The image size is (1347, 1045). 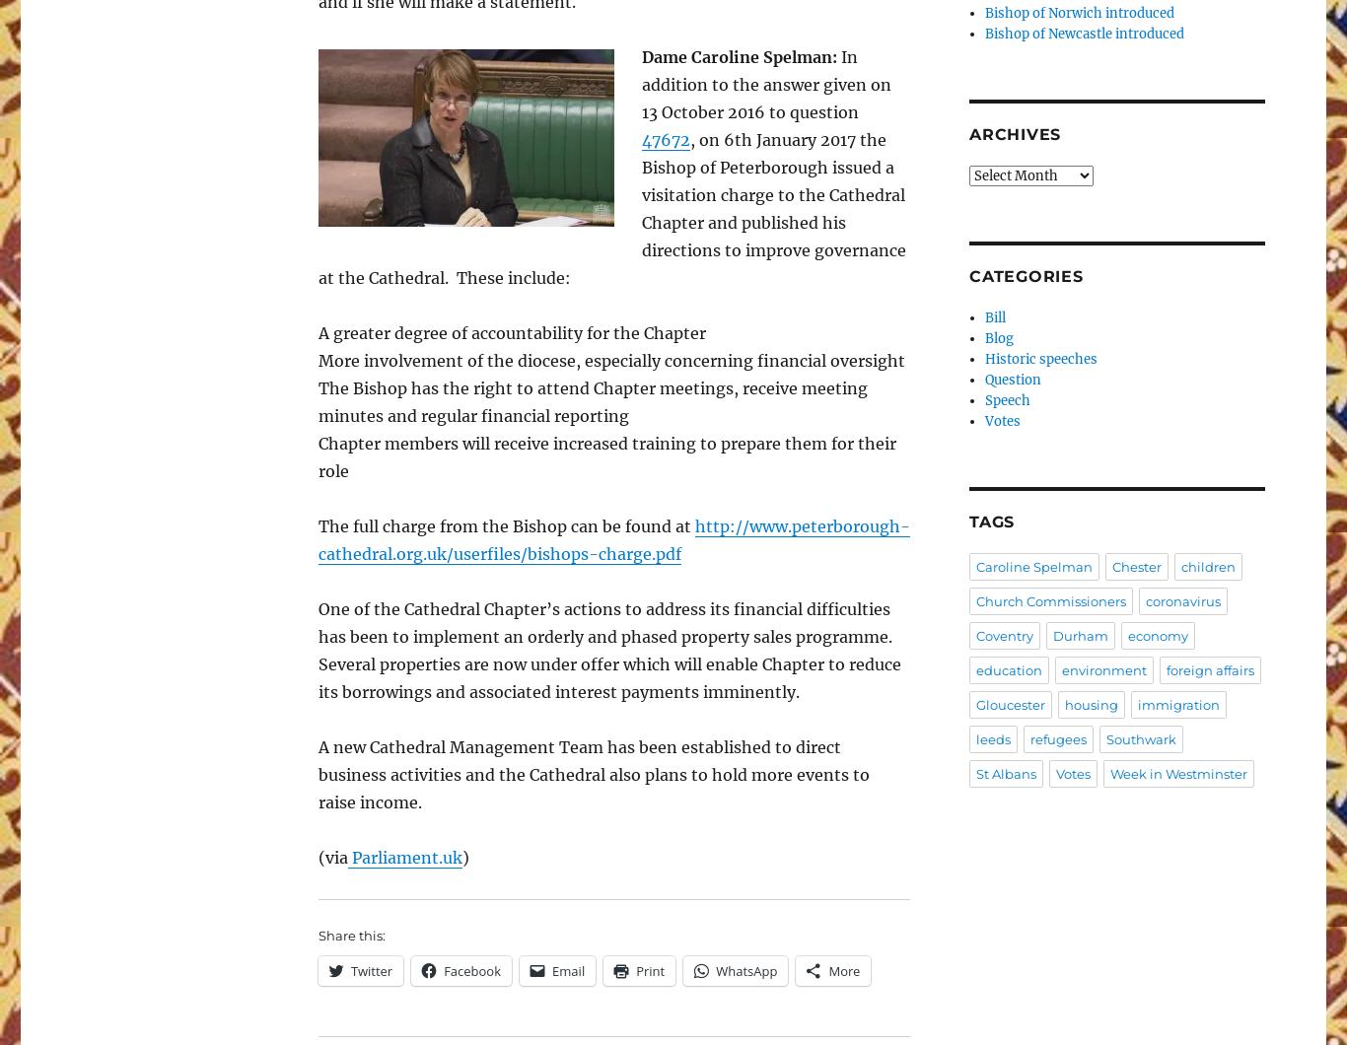 What do you see at coordinates (319, 400) in the screenshot?
I see `'The Bishop has the right to attend Chapter meetings, receive meeting minutes and regular financial reporting'` at bounding box center [319, 400].